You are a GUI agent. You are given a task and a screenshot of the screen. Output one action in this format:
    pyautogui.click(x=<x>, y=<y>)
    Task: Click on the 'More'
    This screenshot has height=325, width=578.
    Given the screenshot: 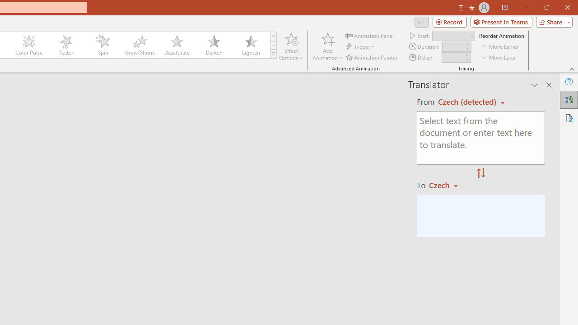 What is the action you would take?
    pyautogui.click(x=466, y=55)
    